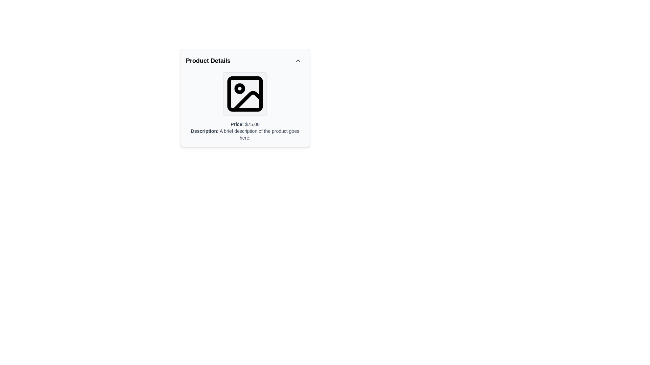 The width and height of the screenshot is (650, 365). Describe the element at coordinates (204, 131) in the screenshot. I see `the label displaying the text 'Description:' which is bold and dark-colored, located at the upper-left corner of the description field` at that location.